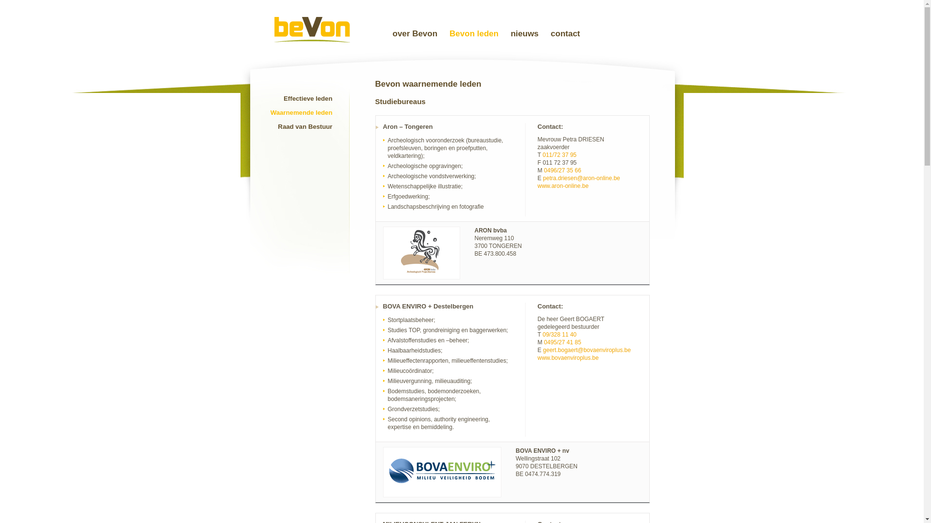 The image size is (931, 523). Describe the element at coordinates (562, 341) in the screenshot. I see `'0495/27 41 85'` at that location.